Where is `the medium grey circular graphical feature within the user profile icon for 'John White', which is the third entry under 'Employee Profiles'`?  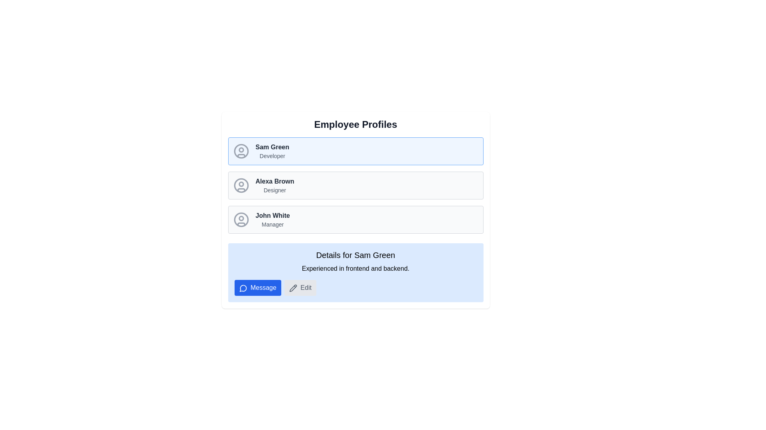 the medium grey circular graphical feature within the user profile icon for 'John White', which is the third entry under 'Employee Profiles' is located at coordinates (241, 219).